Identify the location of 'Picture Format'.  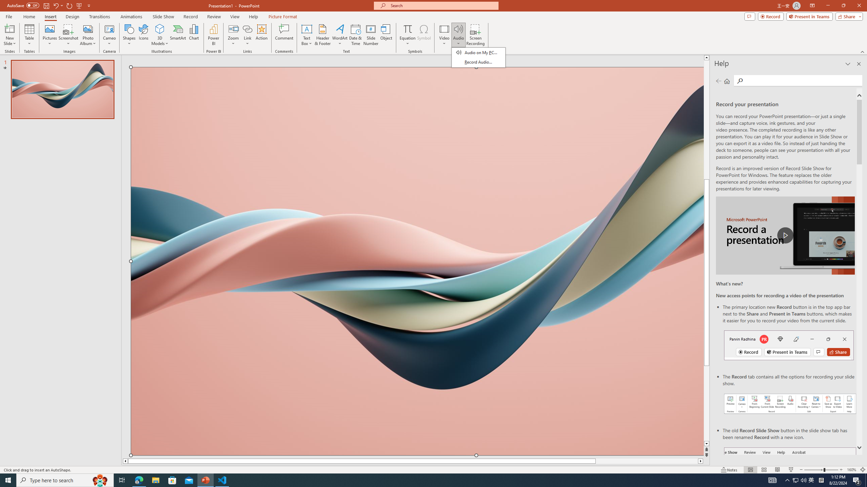
(283, 17).